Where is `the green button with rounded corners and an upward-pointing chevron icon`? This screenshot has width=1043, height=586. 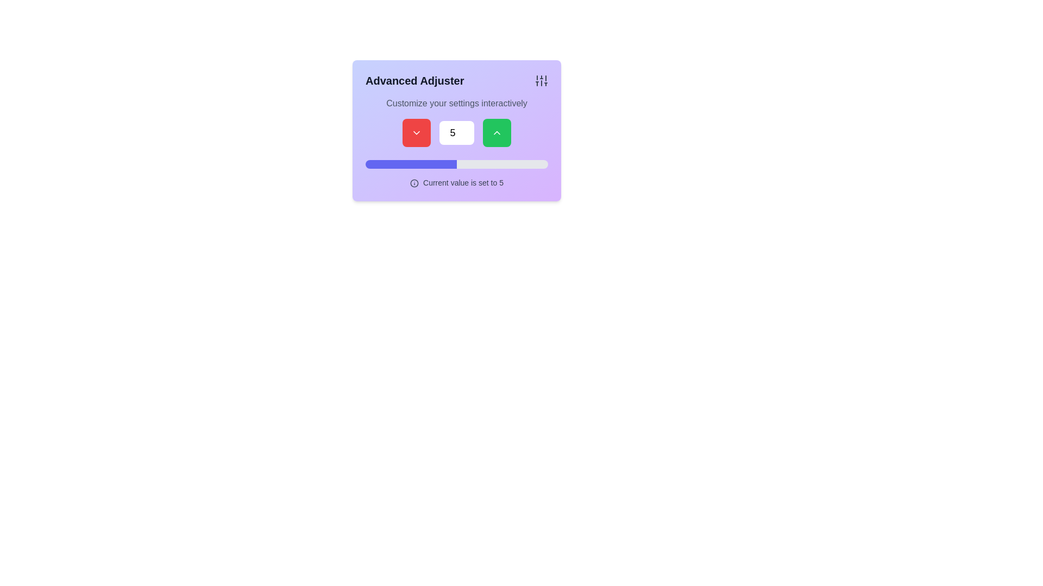
the green button with rounded corners and an upward-pointing chevron icon is located at coordinates (497, 132).